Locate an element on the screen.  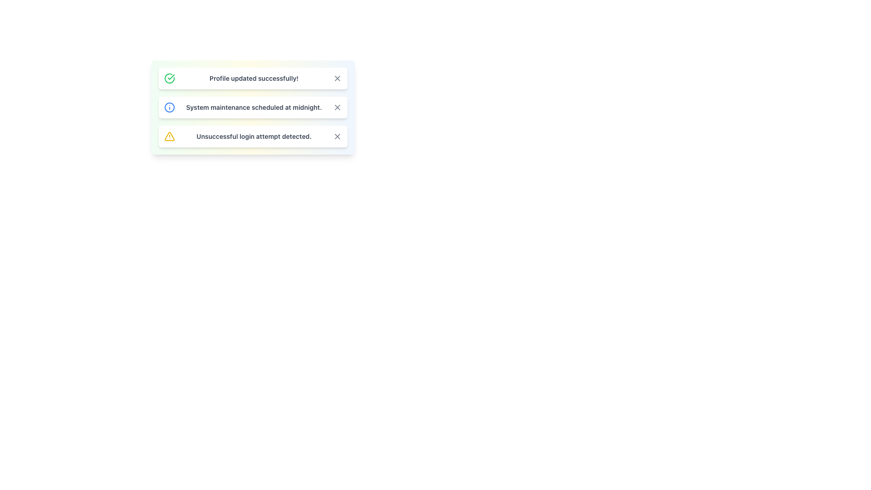
the upper-left to bottom-right diagonal segment of the 'X' icon used for closing notifications, located on the right side of the third notification panel is located at coordinates (337, 136).